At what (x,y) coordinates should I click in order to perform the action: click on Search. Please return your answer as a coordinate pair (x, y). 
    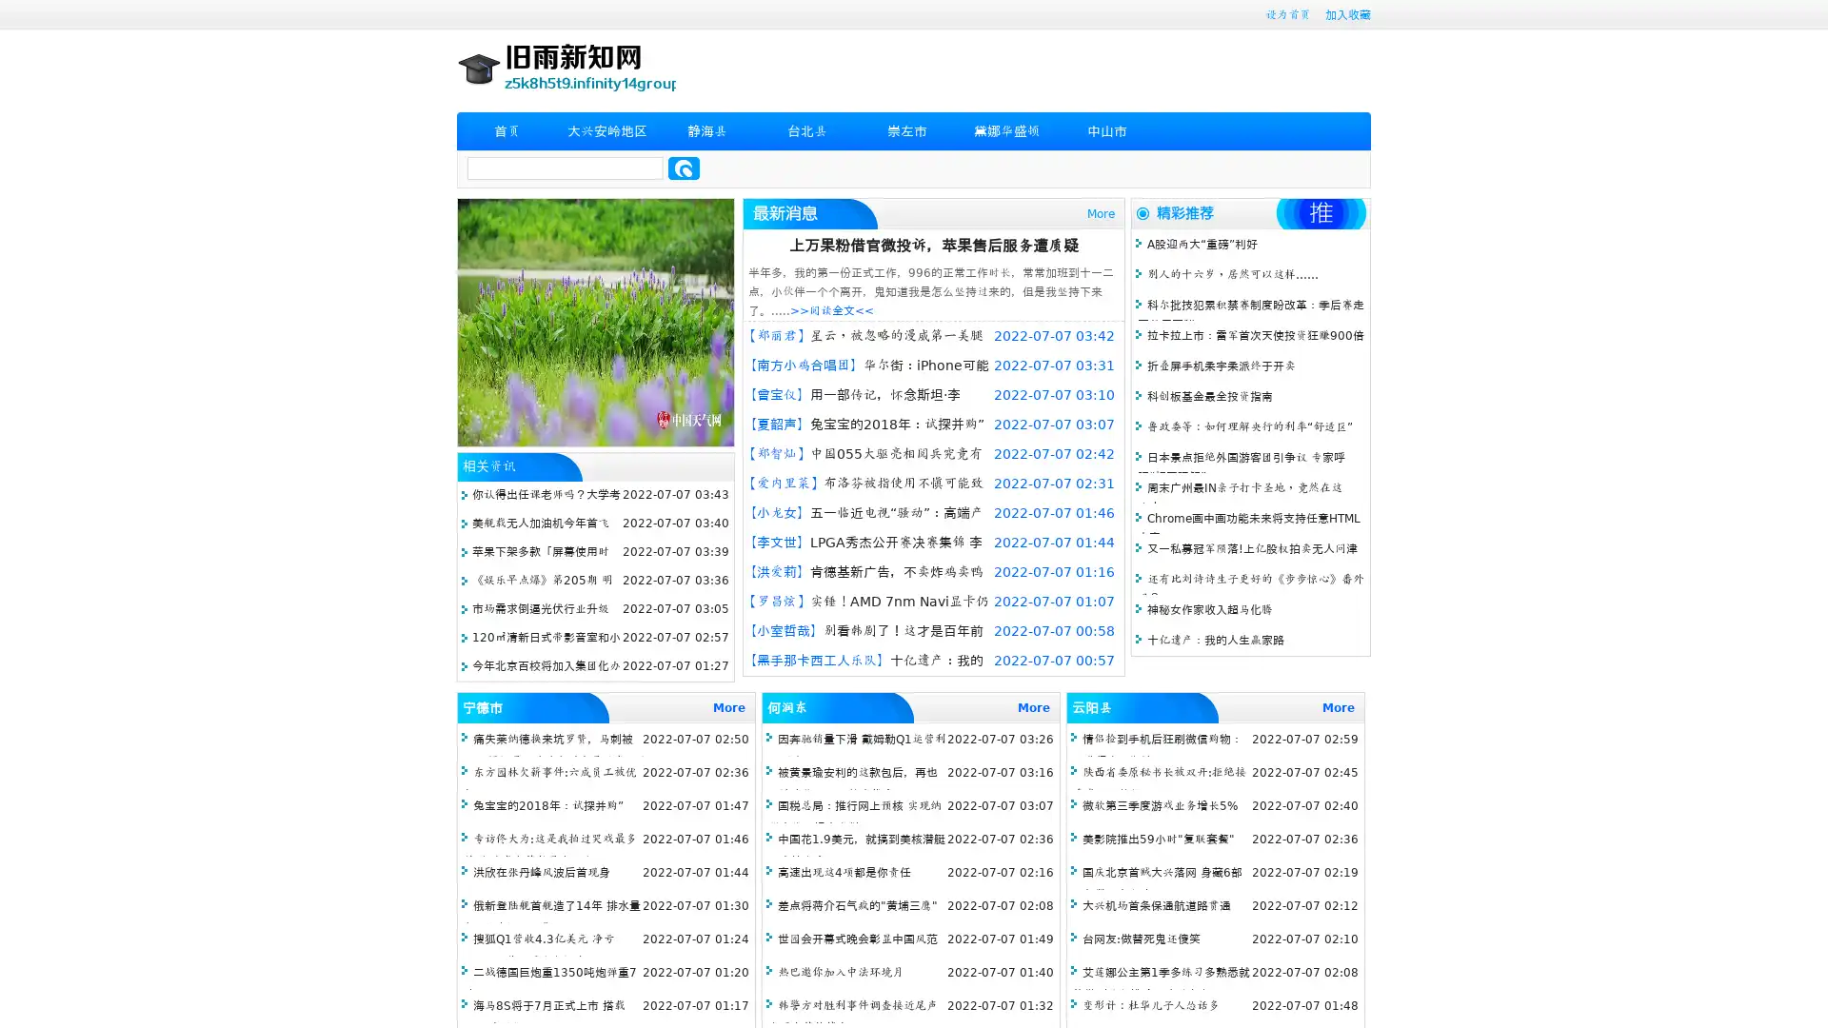
    Looking at the image, I should click on (684, 168).